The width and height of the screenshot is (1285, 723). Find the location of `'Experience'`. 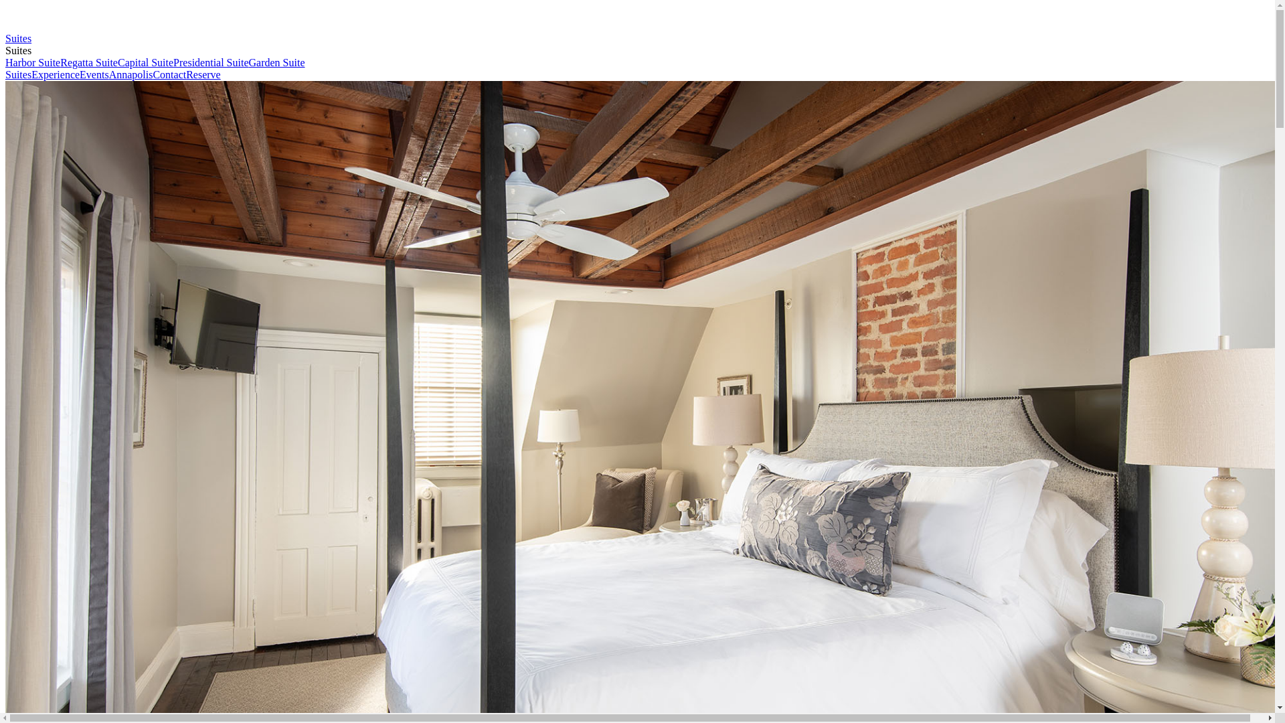

'Experience' is located at coordinates (54, 74).